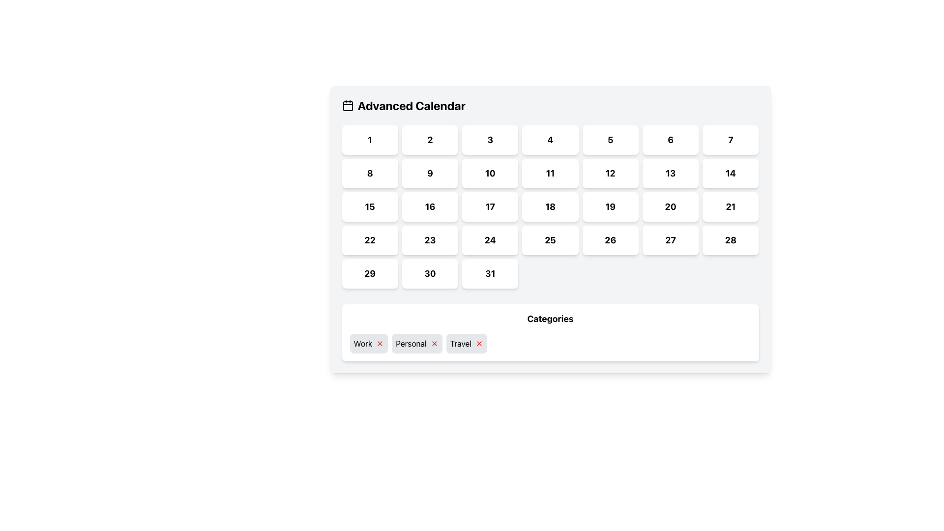  I want to click on the interactive calendar day cell representing the 22nd day of the month, so click(369, 240).